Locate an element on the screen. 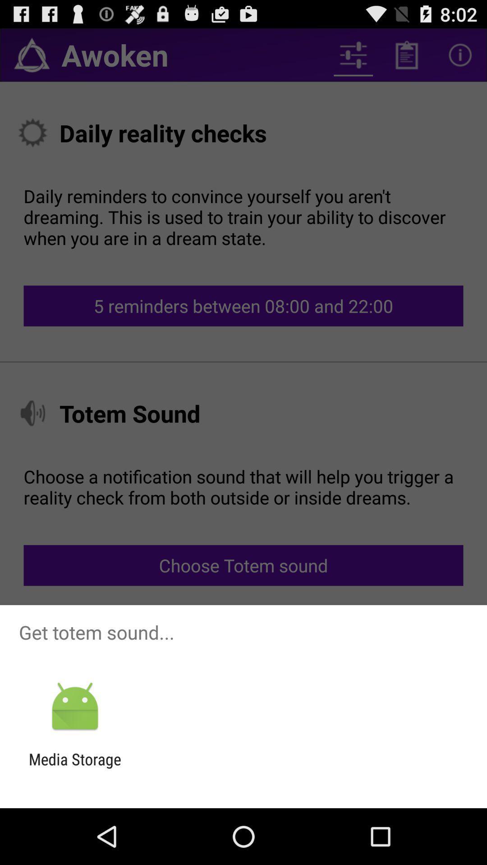 The height and width of the screenshot is (865, 487). the description icon is located at coordinates (407, 58).